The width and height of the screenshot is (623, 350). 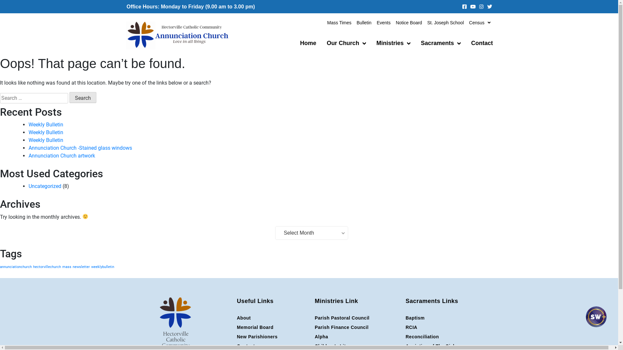 What do you see at coordinates (28, 186) in the screenshot?
I see `'Uncategorized'` at bounding box center [28, 186].